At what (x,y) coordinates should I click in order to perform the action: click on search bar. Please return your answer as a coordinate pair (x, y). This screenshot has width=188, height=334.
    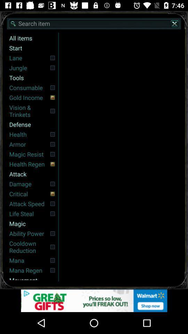
    Looking at the image, I should click on (94, 23).